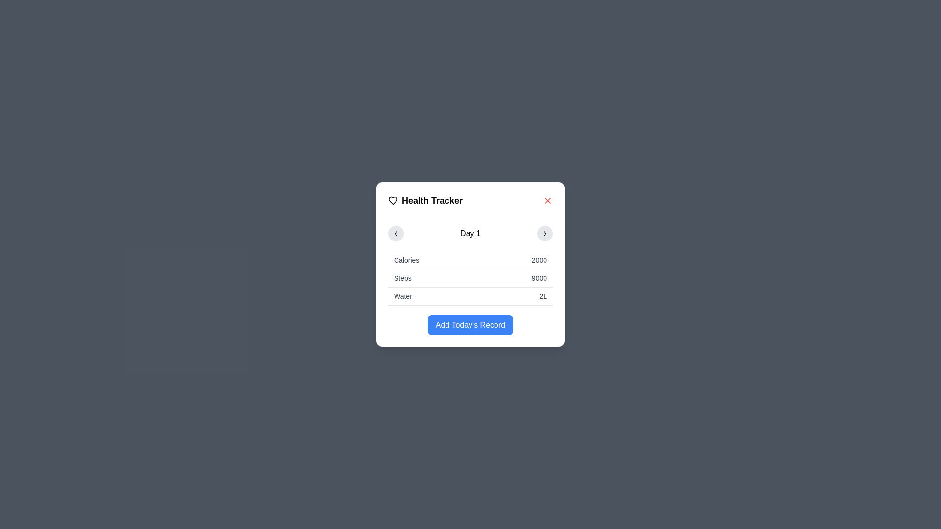 The width and height of the screenshot is (941, 529). Describe the element at coordinates (396, 234) in the screenshot. I see `the left arrow icon button located in the upper left section of the modal window, which allows navigation to the previous entry or section` at that location.